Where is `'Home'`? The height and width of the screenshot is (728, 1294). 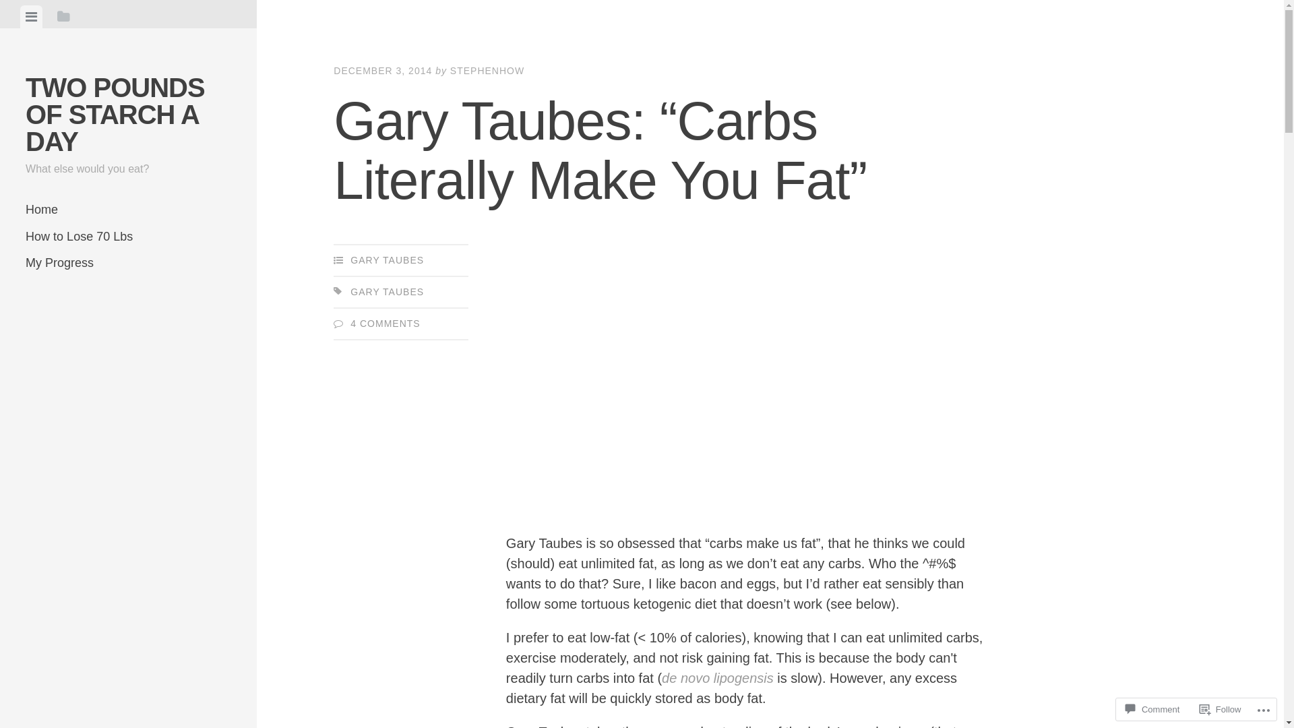
'Home' is located at coordinates (128, 210).